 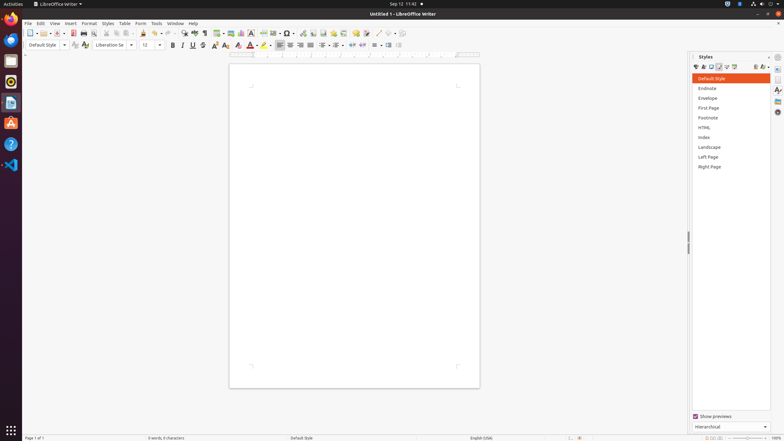 I want to click on 'Fill Format Mode', so click(x=755, y=67).